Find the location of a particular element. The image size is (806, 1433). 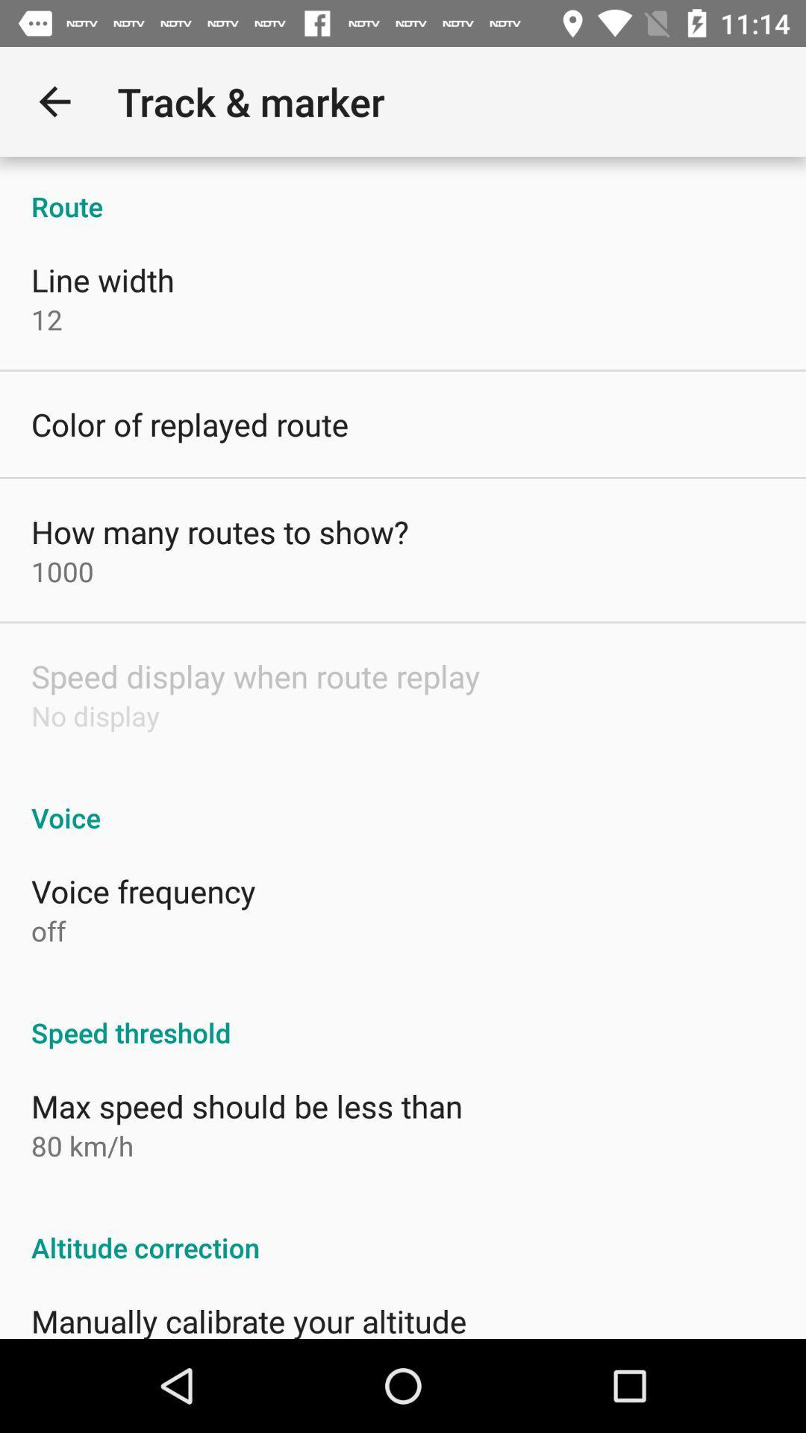

the icon below the speed threshold icon is located at coordinates (246, 1106).